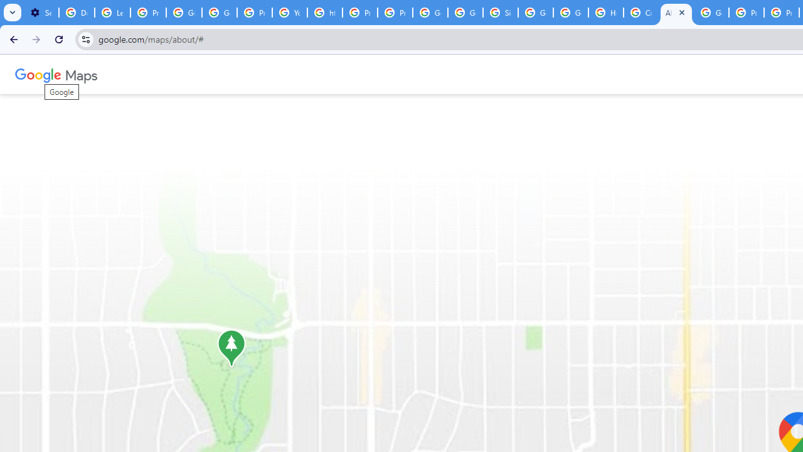 The height and width of the screenshot is (452, 803). I want to click on 'System', so click(6, 7).